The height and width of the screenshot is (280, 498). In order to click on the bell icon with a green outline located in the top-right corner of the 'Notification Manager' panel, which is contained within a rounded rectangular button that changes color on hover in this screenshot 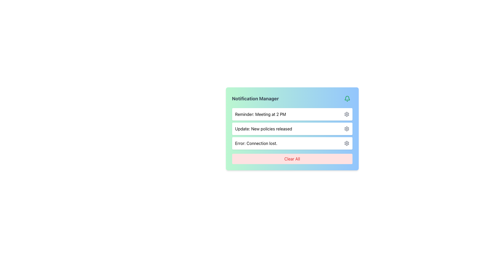, I will do `click(347, 99)`.